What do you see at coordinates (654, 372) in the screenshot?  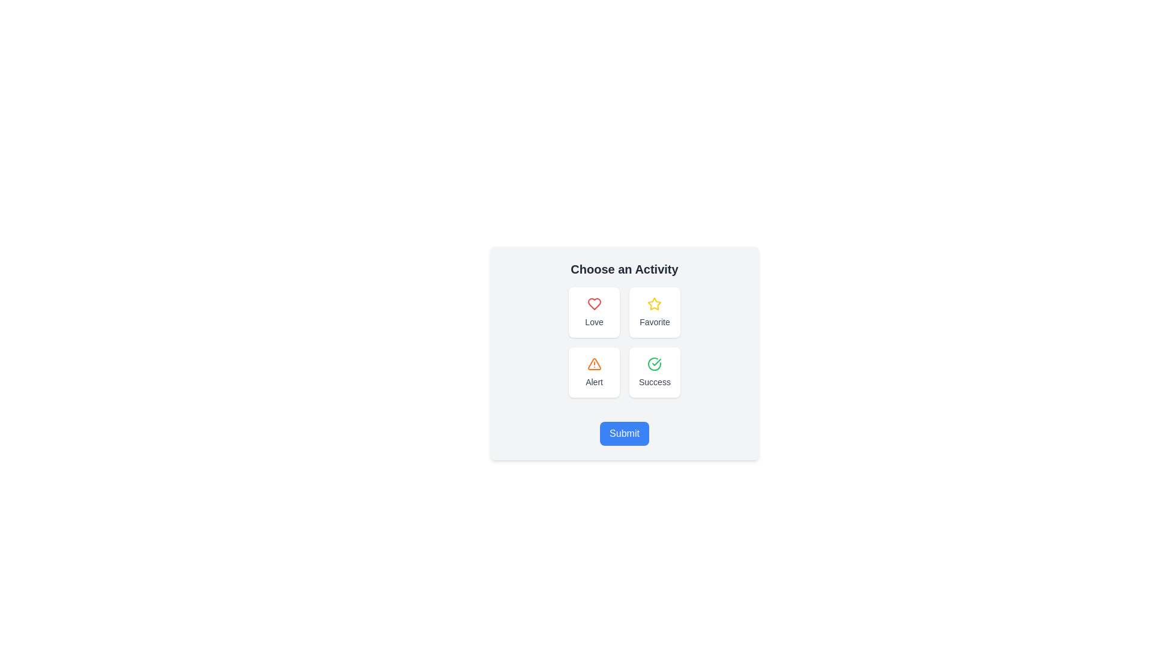 I see `the 'Success' Card Button located in the bottom-right position of the 2x2 grid layout under the title 'Choose an Activity.'` at bounding box center [654, 372].